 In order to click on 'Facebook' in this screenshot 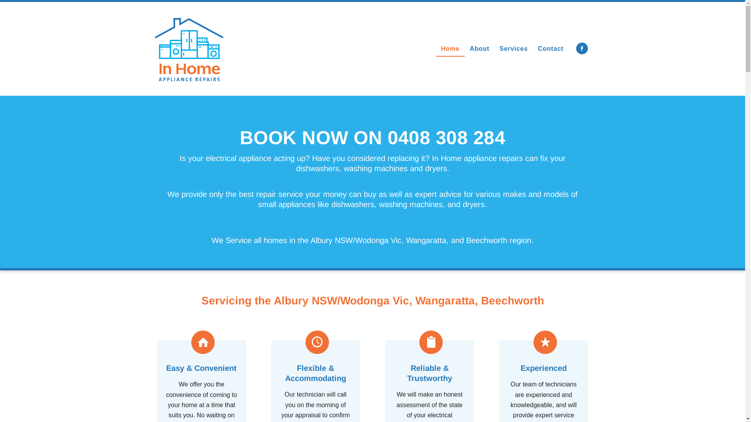, I will do `click(582, 48)`.